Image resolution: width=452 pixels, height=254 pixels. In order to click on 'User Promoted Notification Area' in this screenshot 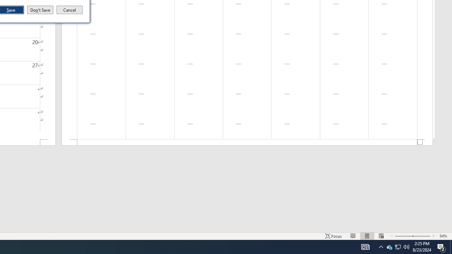, I will do `click(398, 246)`.